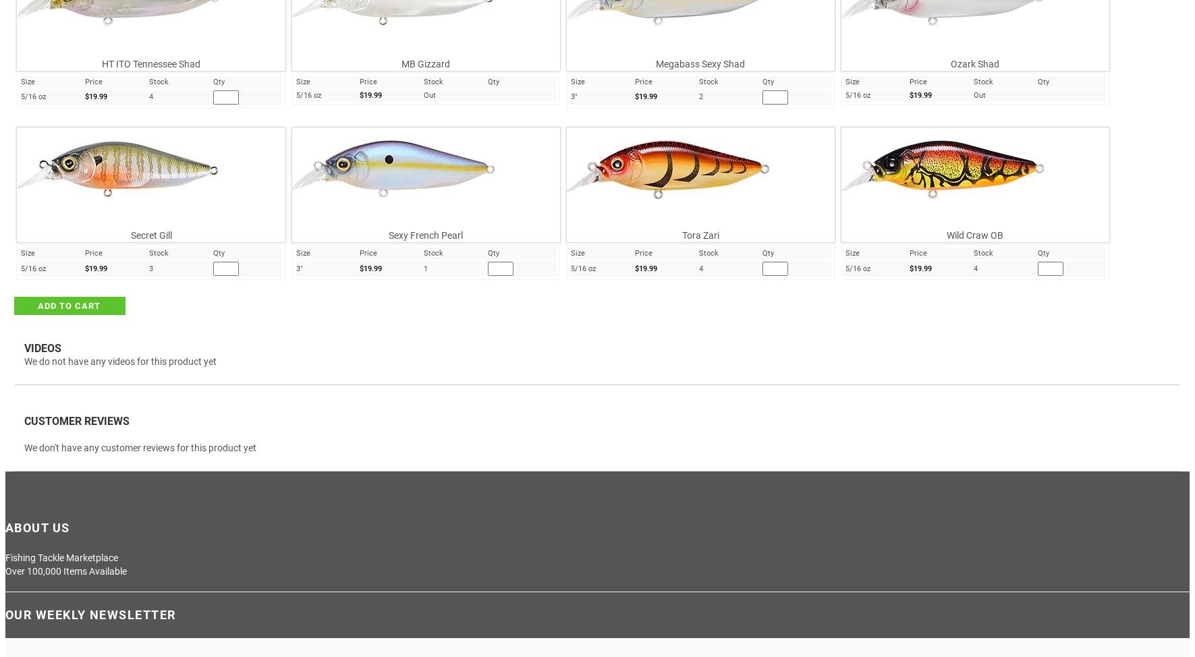 The height and width of the screenshot is (657, 1195). Describe the element at coordinates (425, 62) in the screenshot. I see `'MB Gizzard'` at that location.